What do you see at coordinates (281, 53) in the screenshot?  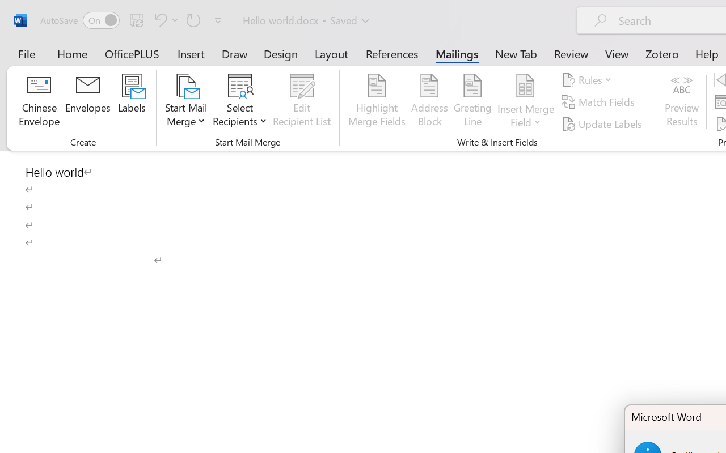 I see `'Design'` at bounding box center [281, 53].